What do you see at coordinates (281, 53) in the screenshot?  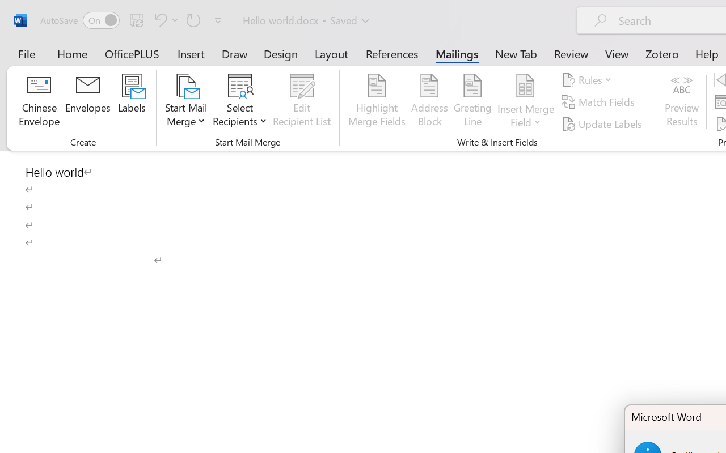 I see `'Design'` at bounding box center [281, 53].